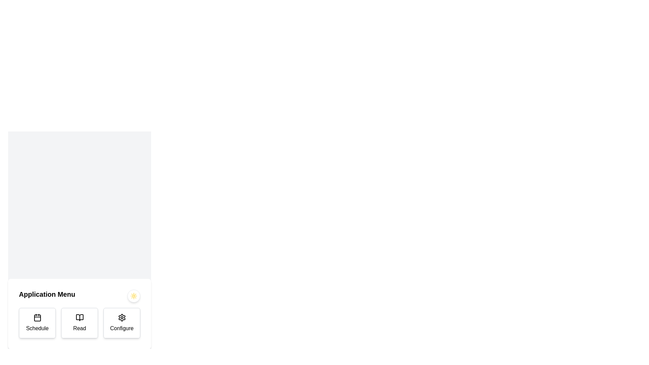 The height and width of the screenshot is (365, 649). What do you see at coordinates (122, 318) in the screenshot?
I see `the circular gear icon with a hollow center, outlined in black, which is positioned above the 'Configure' text label in the bottom-right corner of the Application Menu` at bounding box center [122, 318].